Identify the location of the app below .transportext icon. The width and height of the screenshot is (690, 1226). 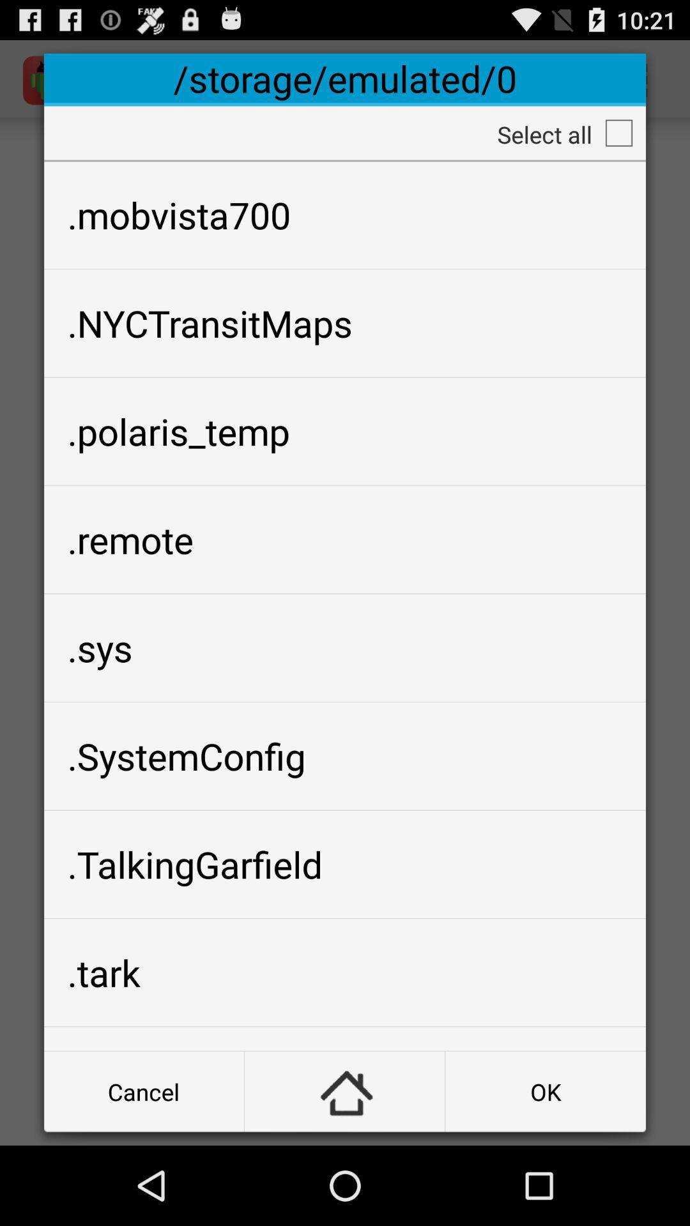
(546, 1091).